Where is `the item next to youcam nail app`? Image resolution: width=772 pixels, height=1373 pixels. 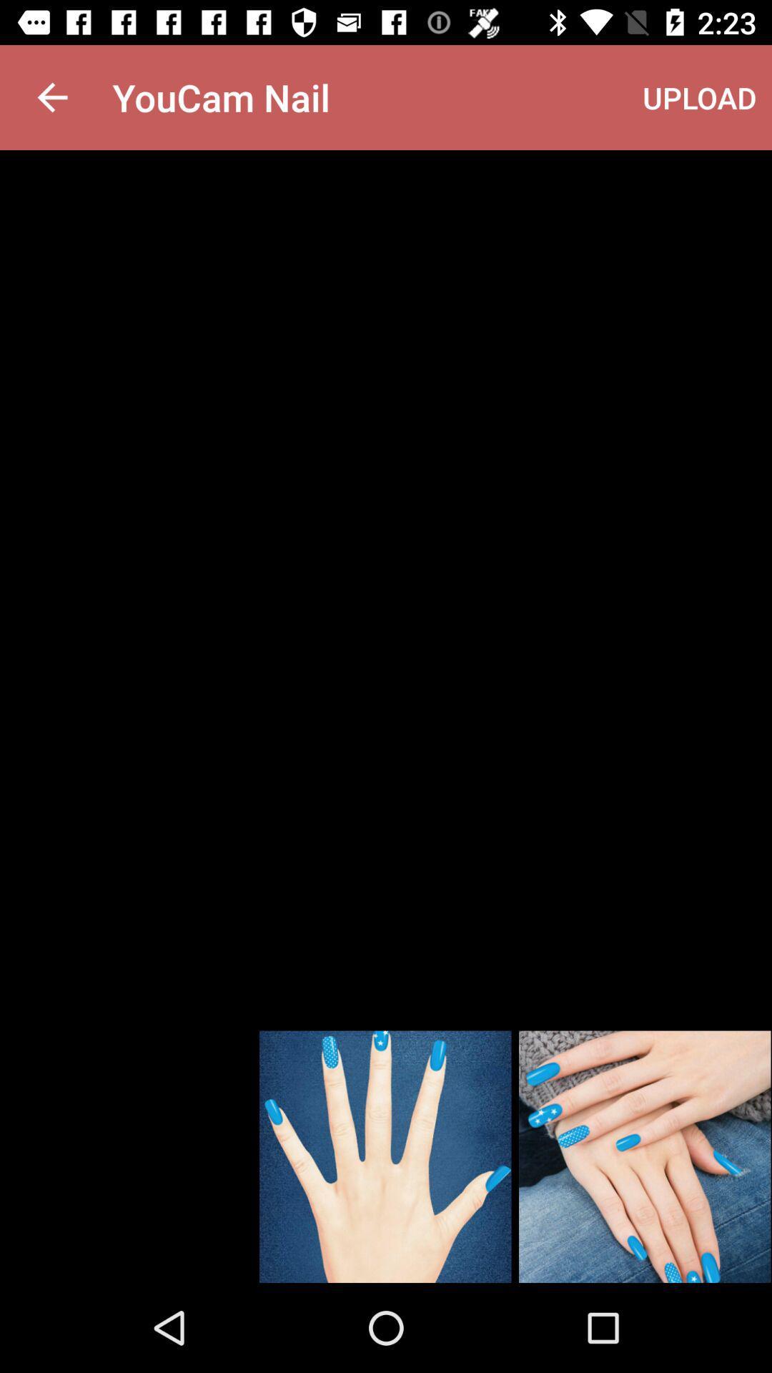 the item next to youcam nail app is located at coordinates (51, 97).